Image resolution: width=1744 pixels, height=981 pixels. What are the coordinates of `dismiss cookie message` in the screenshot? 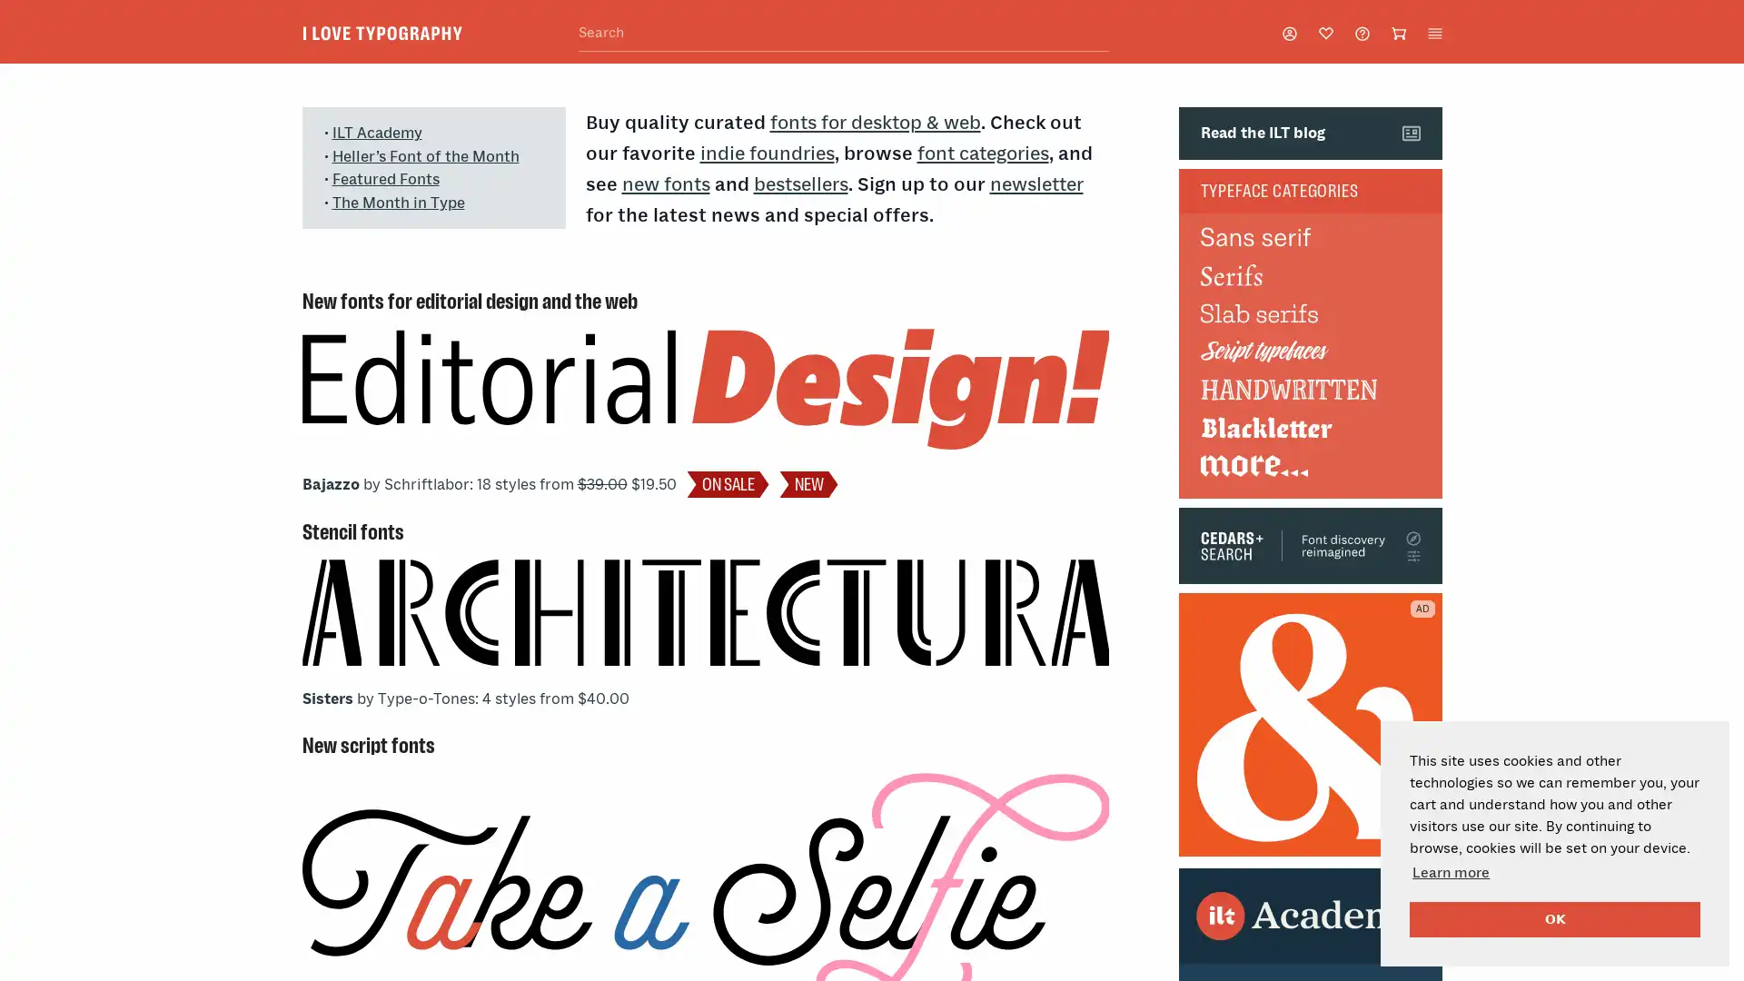 It's located at (1554, 918).